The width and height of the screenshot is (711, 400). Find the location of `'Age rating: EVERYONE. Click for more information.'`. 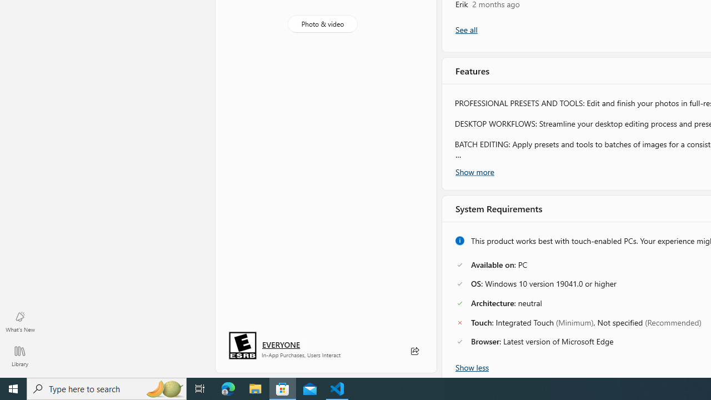

'Age rating: EVERYONE. Click for more information.' is located at coordinates (281, 343).